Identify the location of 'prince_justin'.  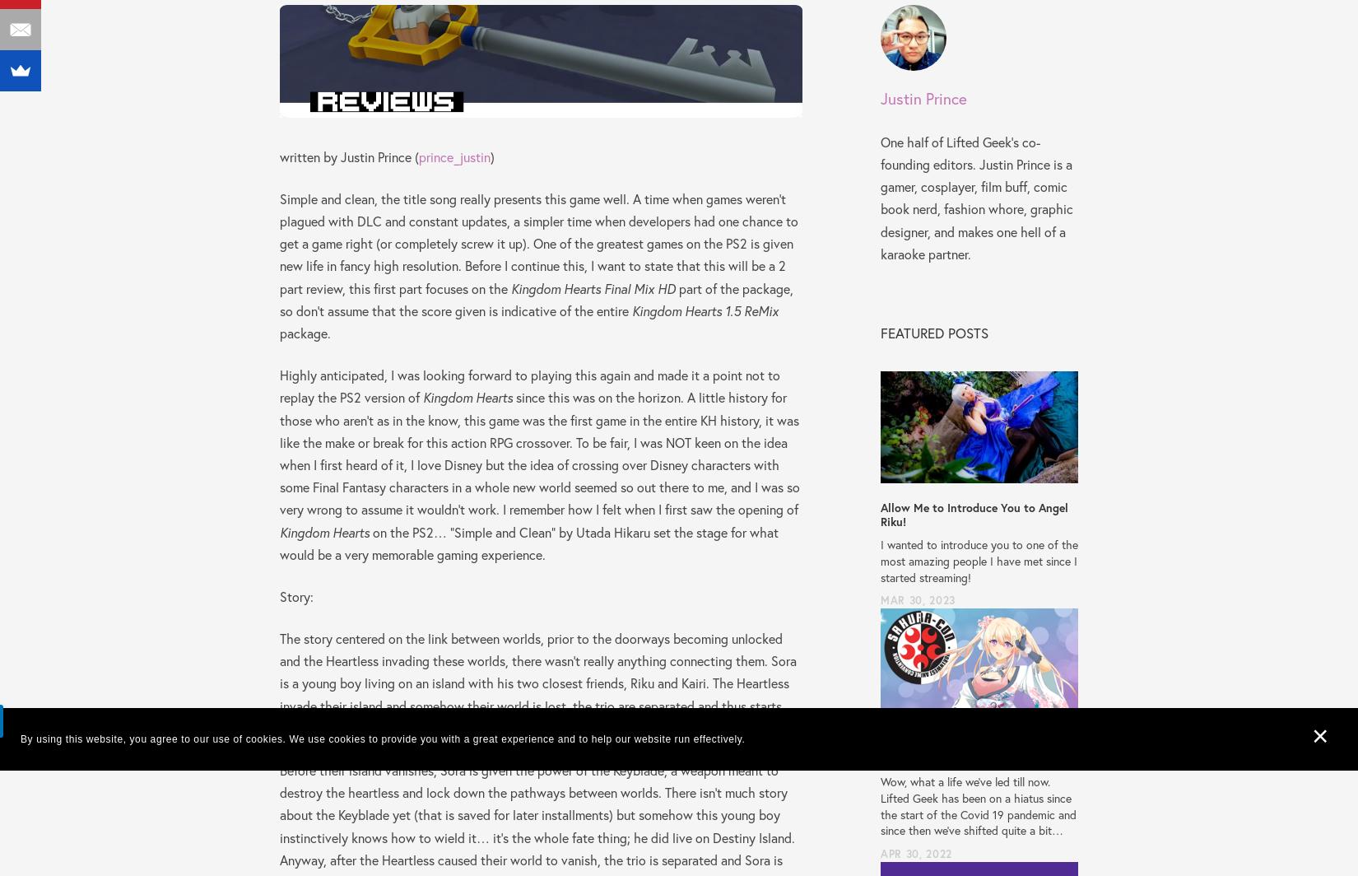
(453, 156).